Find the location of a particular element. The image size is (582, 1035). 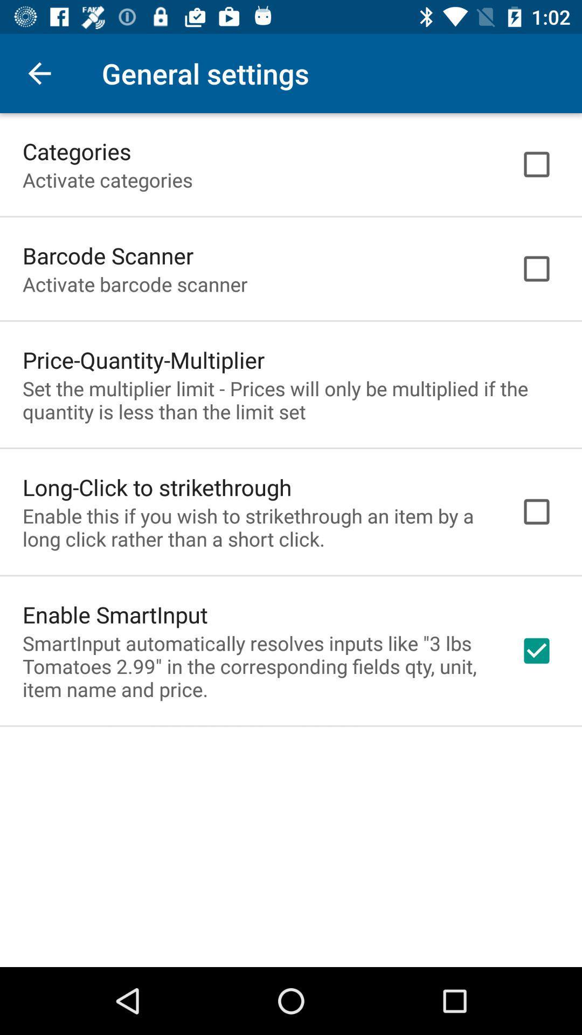

the item above barcode scanner is located at coordinates (107, 180).